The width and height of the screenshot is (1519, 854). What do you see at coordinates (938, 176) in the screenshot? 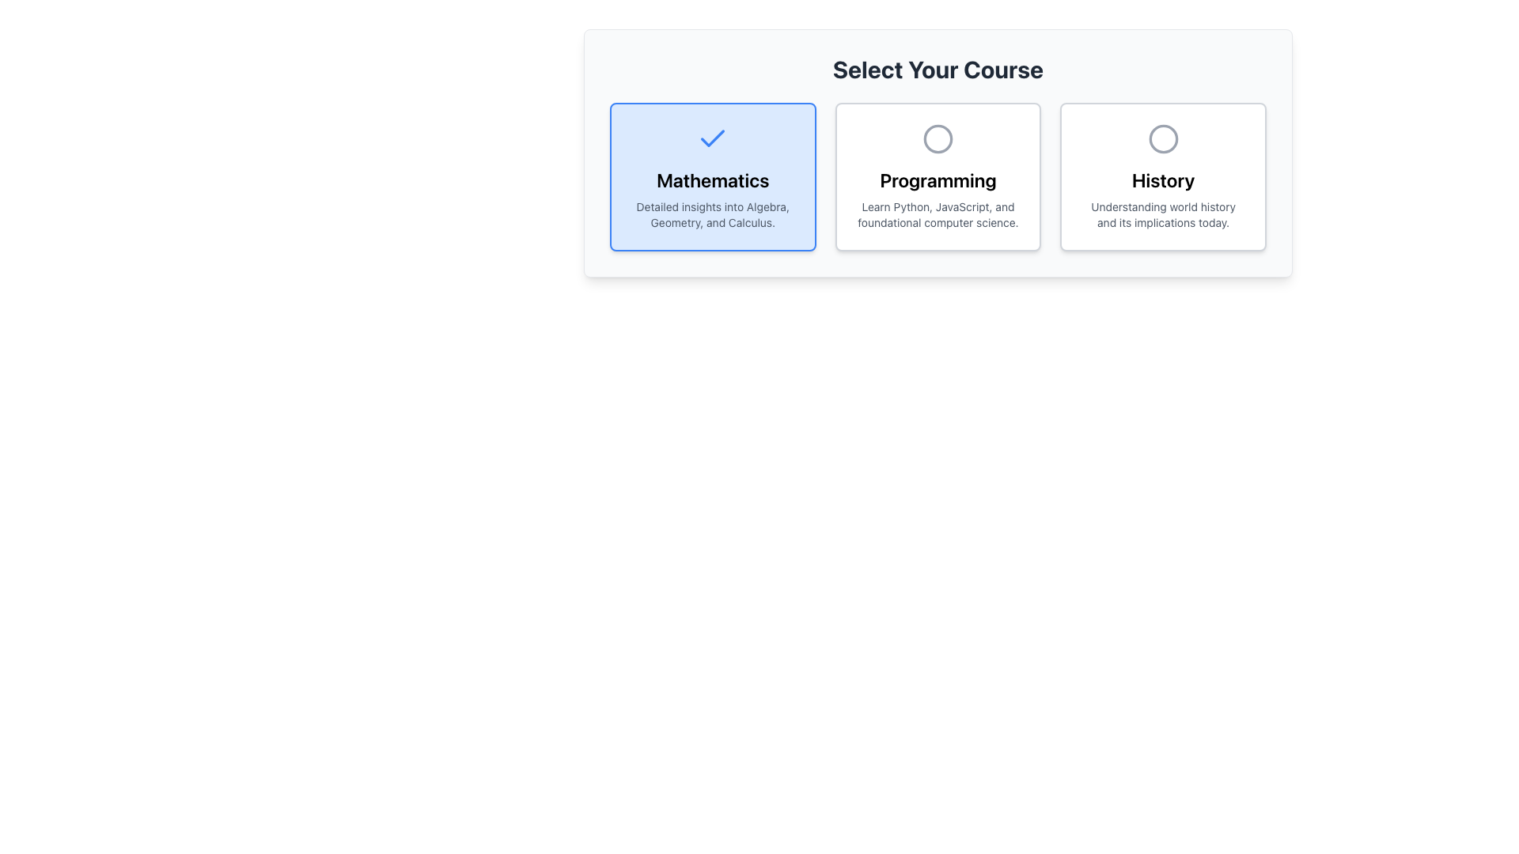
I see `the second card item in the grid layout` at bounding box center [938, 176].